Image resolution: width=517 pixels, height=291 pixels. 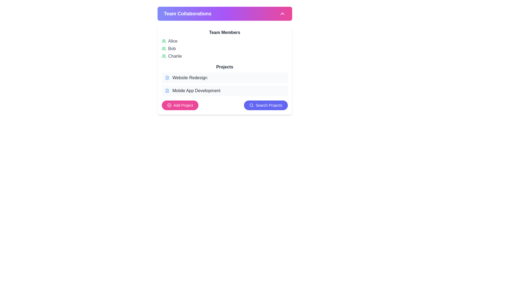 What do you see at coordinates (163, 41) in the screenshot?
I see `the user indicator icon for 'Alice' located in the 'Team Members' section to the left of the textual label` at bounding box center [163, 41].